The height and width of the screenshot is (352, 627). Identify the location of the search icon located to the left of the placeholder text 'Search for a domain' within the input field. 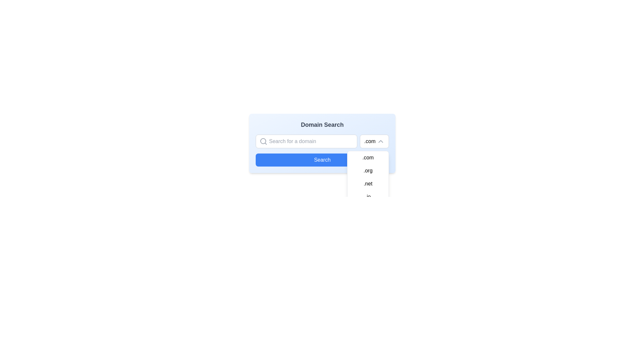
(263, 141).